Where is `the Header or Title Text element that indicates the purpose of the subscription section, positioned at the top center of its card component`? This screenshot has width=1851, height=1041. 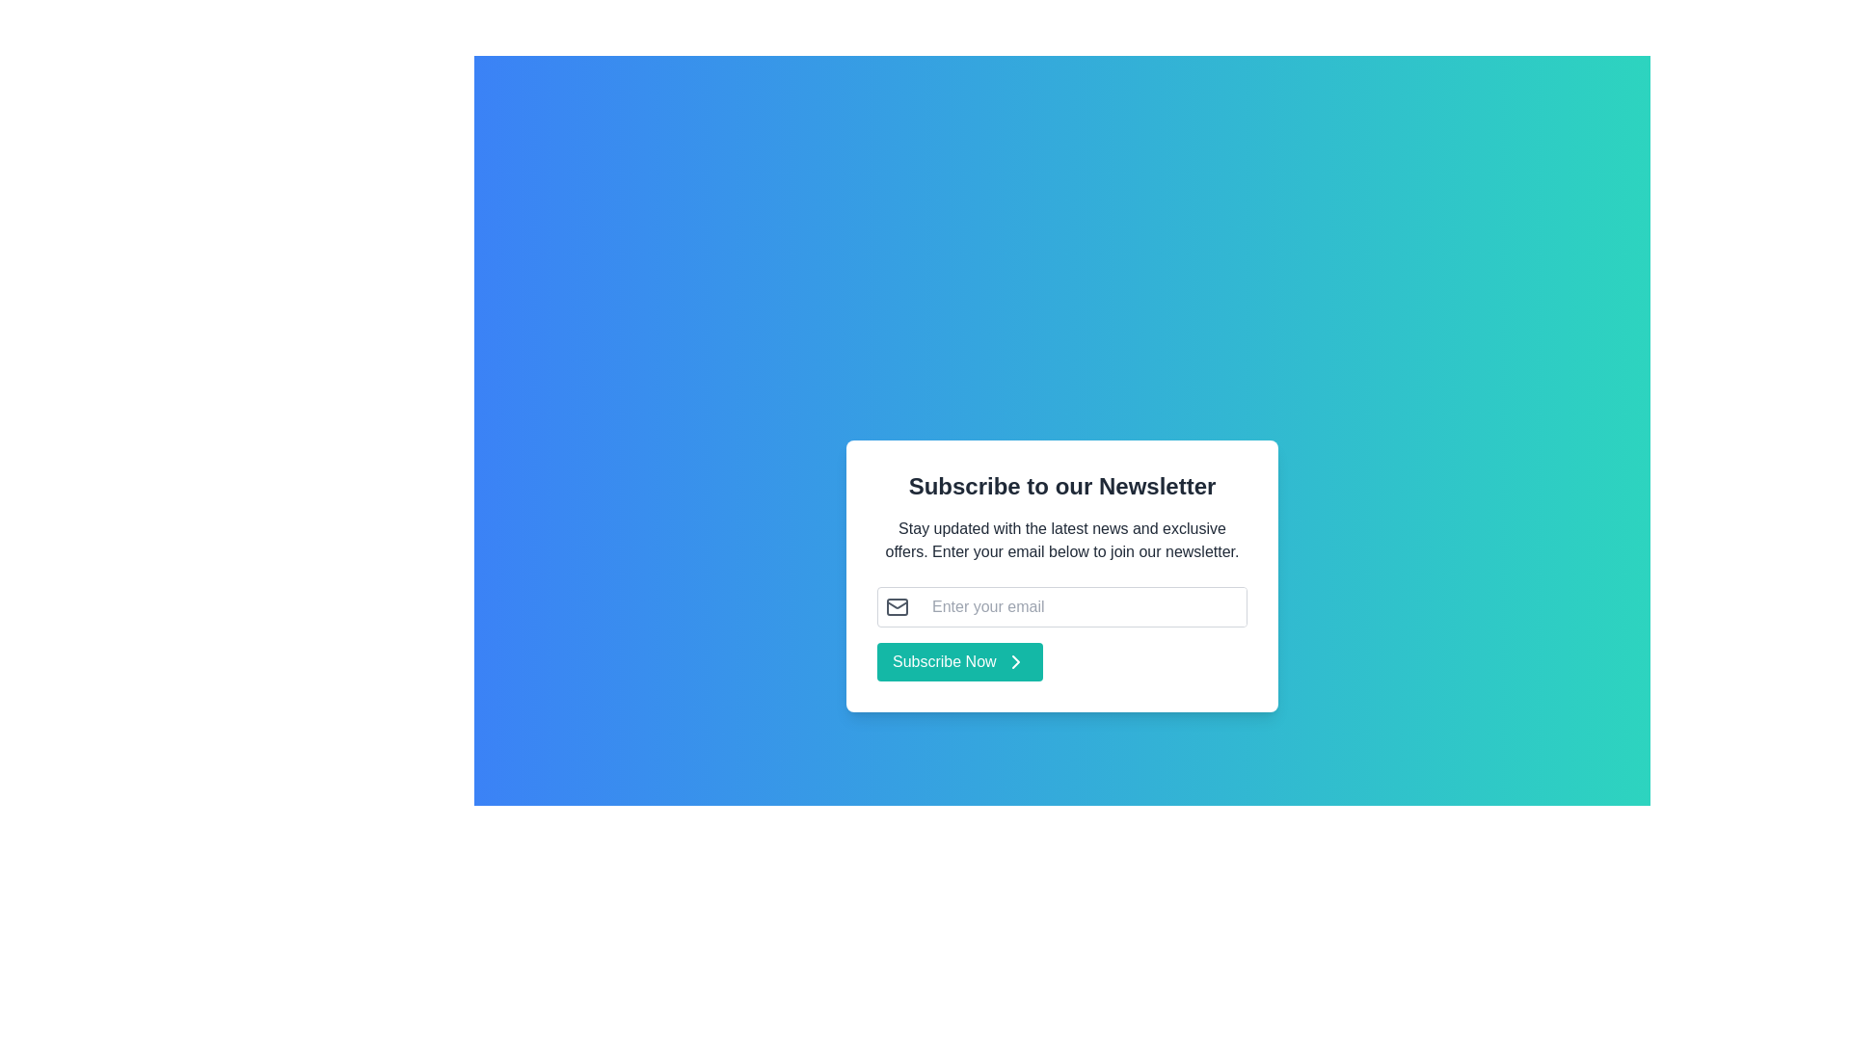
the Header or Title Text element that indicates the purpose of the subscription section, positioned at the top center of its card component is located at coordinates (1061, 486).